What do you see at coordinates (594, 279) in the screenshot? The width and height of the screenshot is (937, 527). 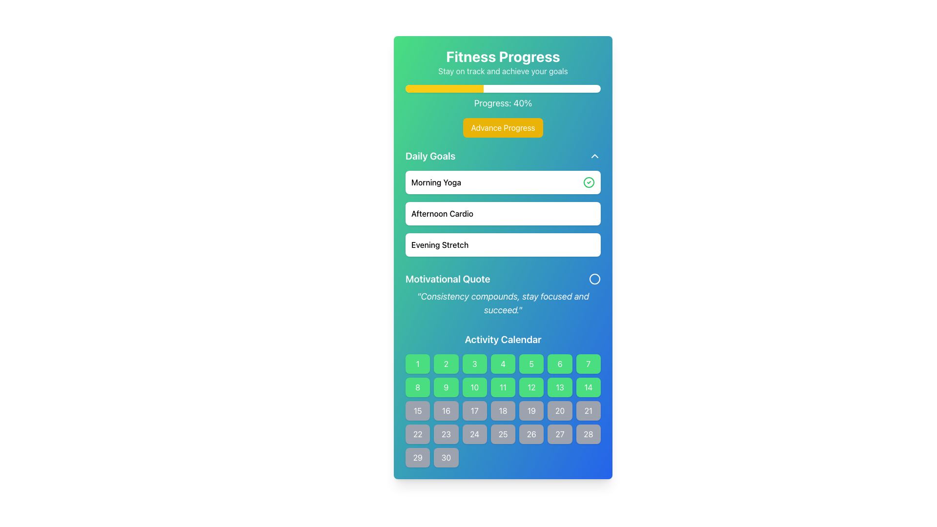 I see `the circular icon with a white stroke located to the right of the 'Motivational Quote' text` at bounding box center [594, 279].